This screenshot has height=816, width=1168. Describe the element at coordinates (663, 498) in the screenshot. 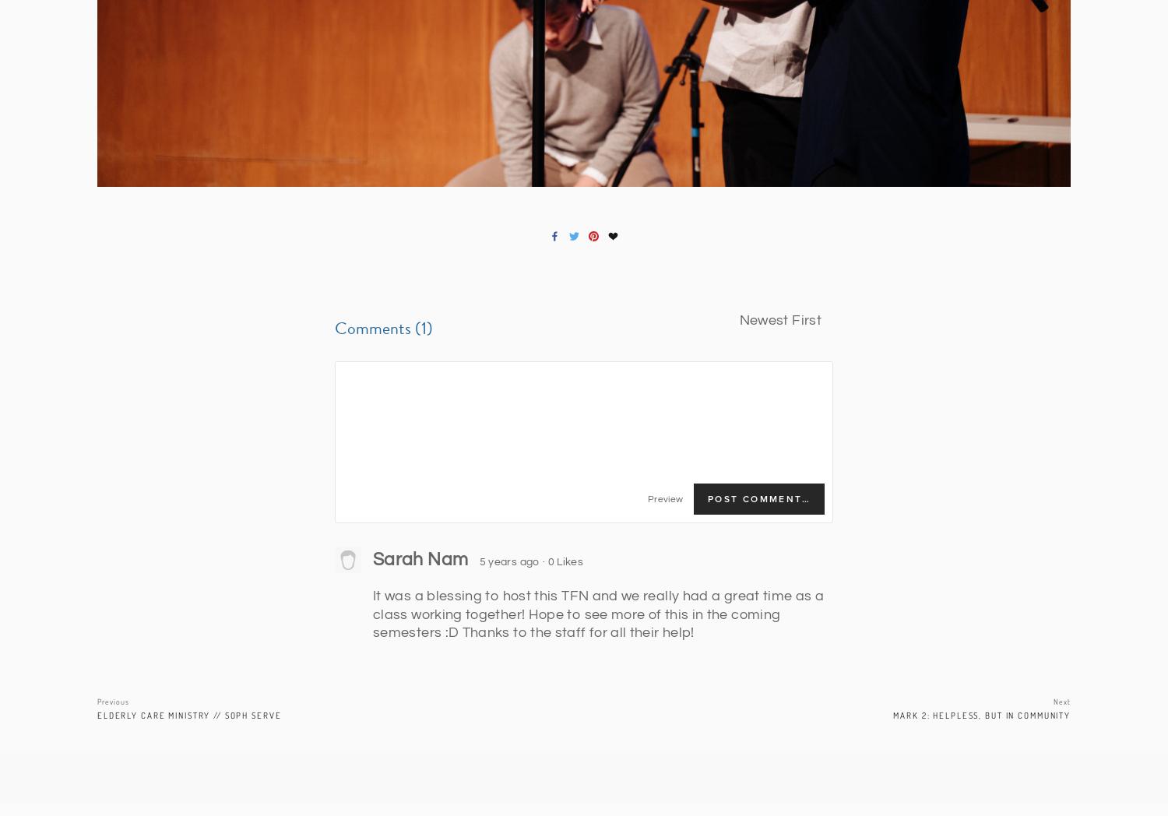

I see `'Preview'` at that location.